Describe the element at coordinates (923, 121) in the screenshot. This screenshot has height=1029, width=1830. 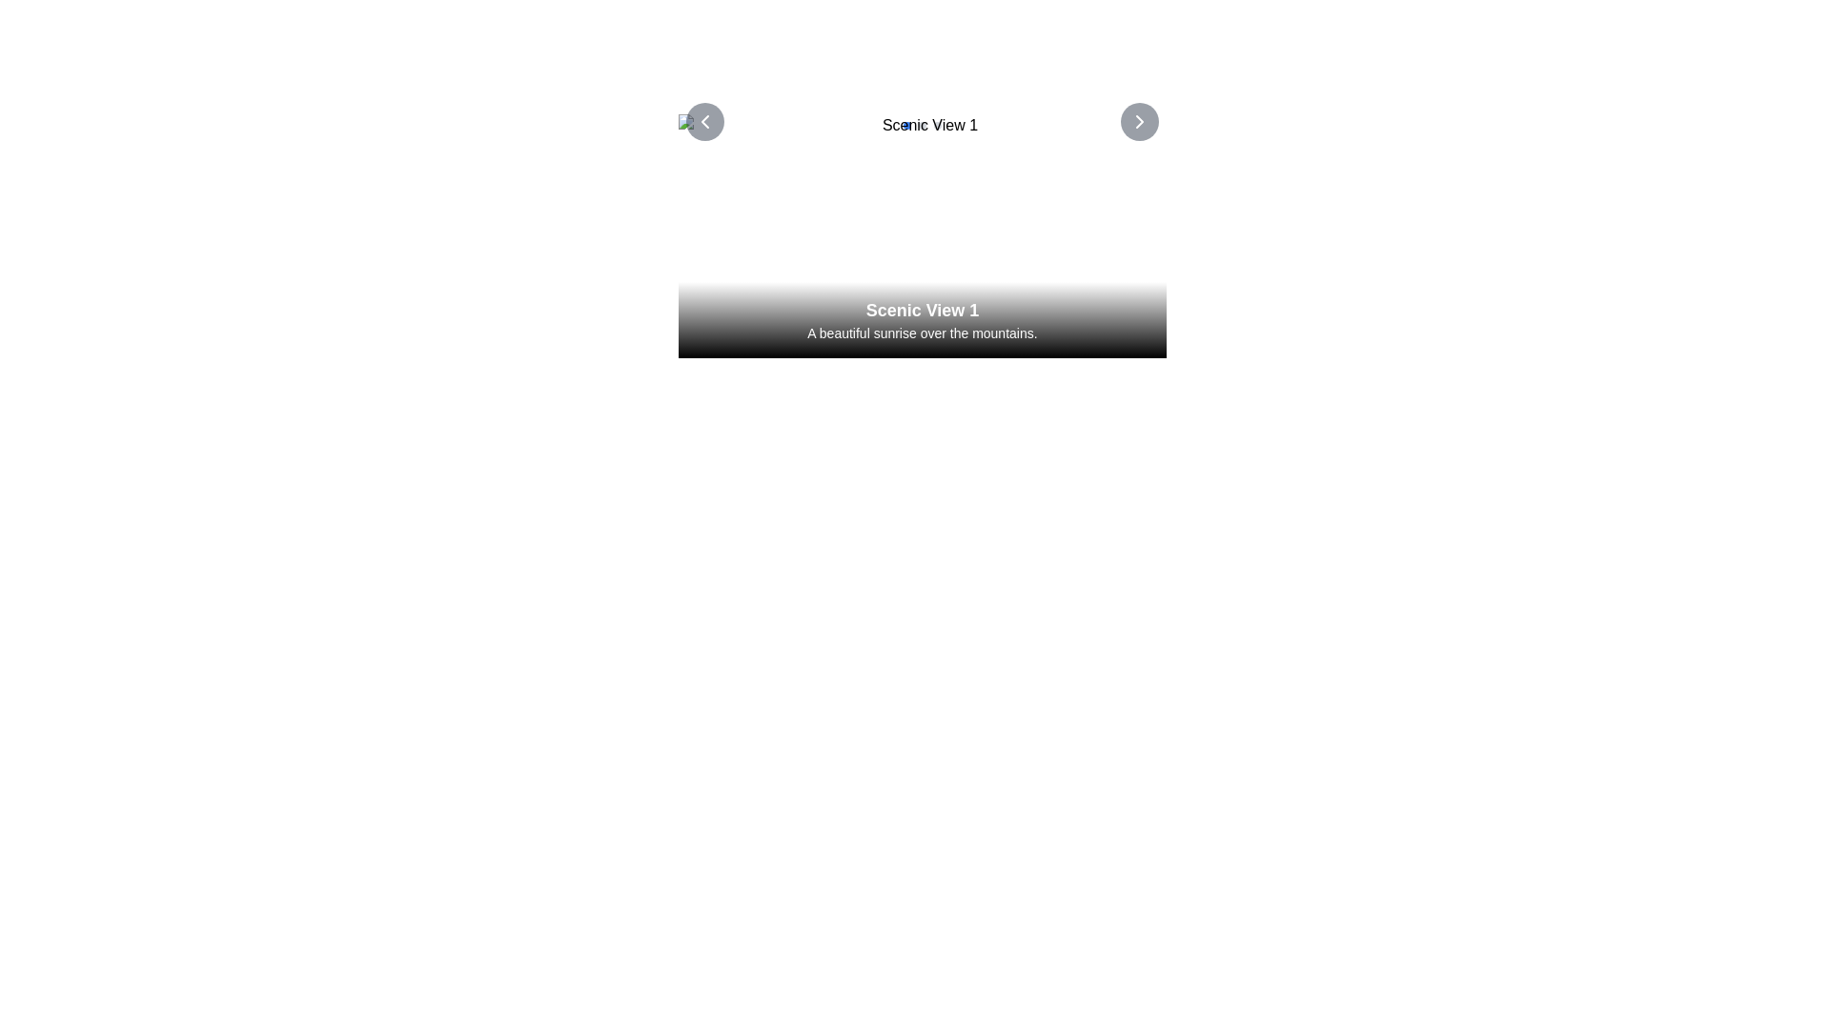
I see `the text of the Text Label that identifies the current scenic view, positioned centrally above the description and image for 'Scenic View 1'` at that location.